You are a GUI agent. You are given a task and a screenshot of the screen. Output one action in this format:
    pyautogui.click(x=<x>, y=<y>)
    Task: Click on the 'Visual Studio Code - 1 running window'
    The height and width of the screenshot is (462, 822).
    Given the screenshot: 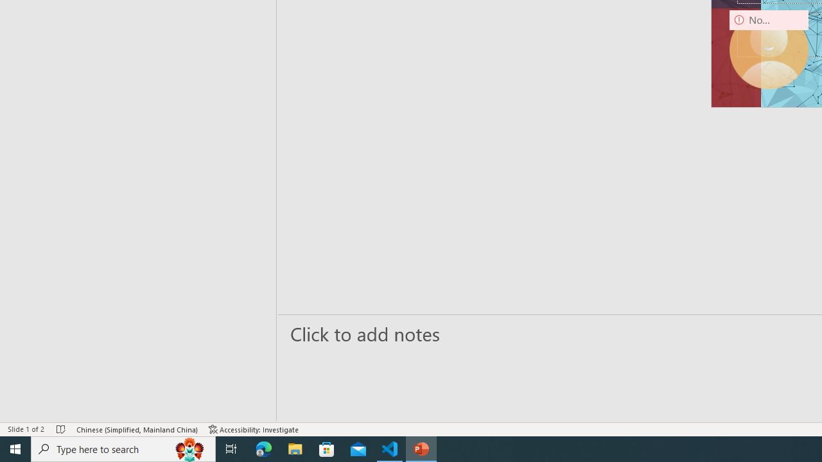 What is the action you would take?
    pyautogui.click(x=389, y=448)
    